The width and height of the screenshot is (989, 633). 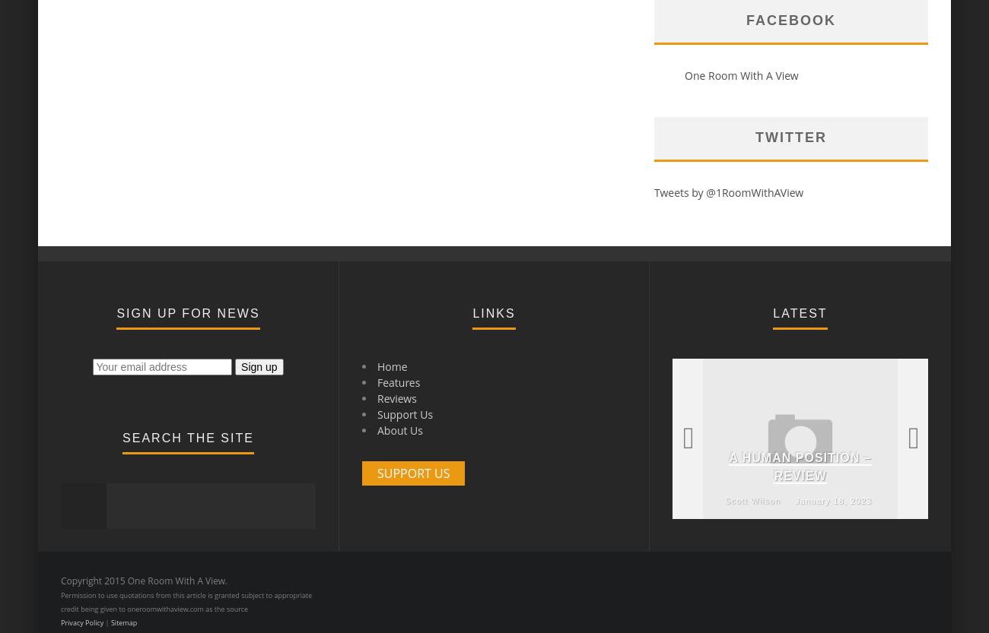 What do you see at coordinates (741, 74) in the screenshot?
I see `'One Room With A View'` at bounding box center [741, 74].